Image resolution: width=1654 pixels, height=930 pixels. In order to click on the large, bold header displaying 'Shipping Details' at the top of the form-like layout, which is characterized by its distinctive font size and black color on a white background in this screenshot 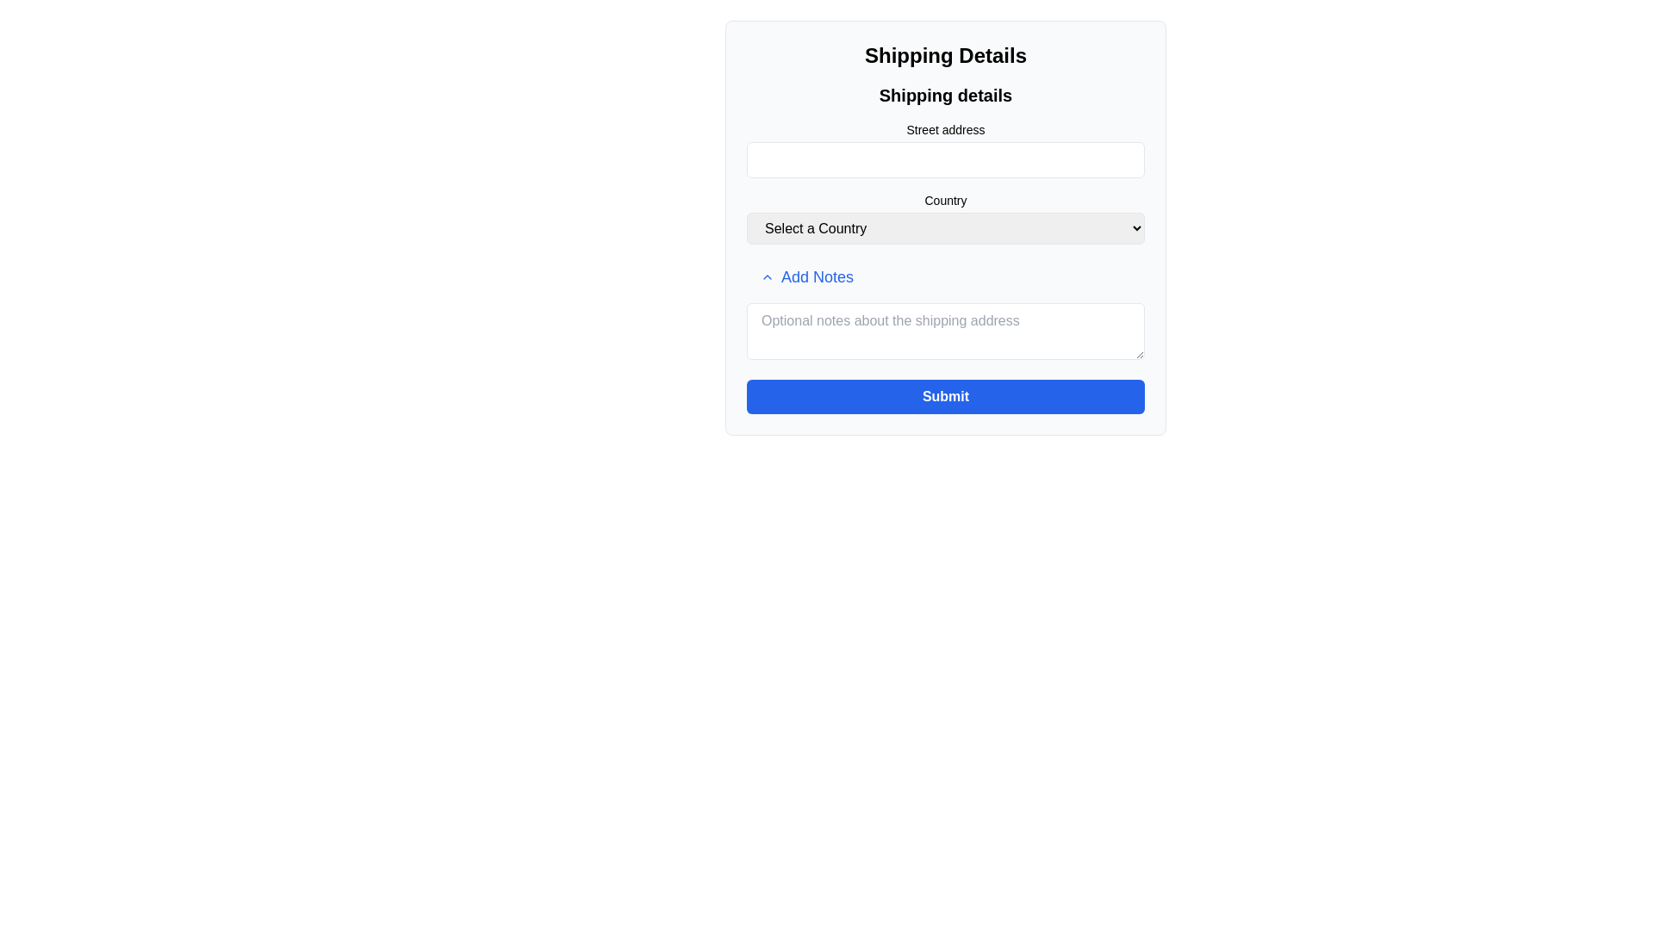, I will do `click(945, 55)`.